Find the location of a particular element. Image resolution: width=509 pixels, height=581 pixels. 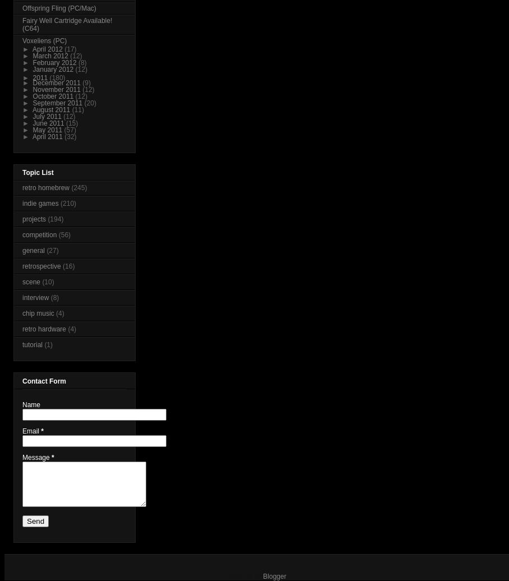

'(210)' is located at coordinates (68, 204).